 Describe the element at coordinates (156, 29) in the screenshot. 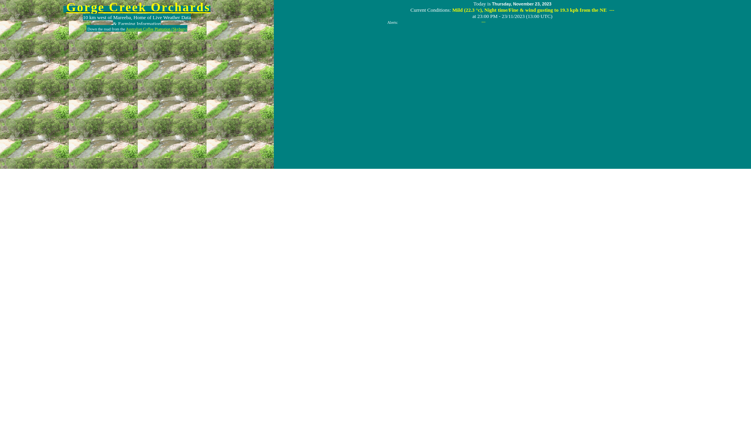

I see `'Australian Coffee Plantation (Skybury)'` at that location.